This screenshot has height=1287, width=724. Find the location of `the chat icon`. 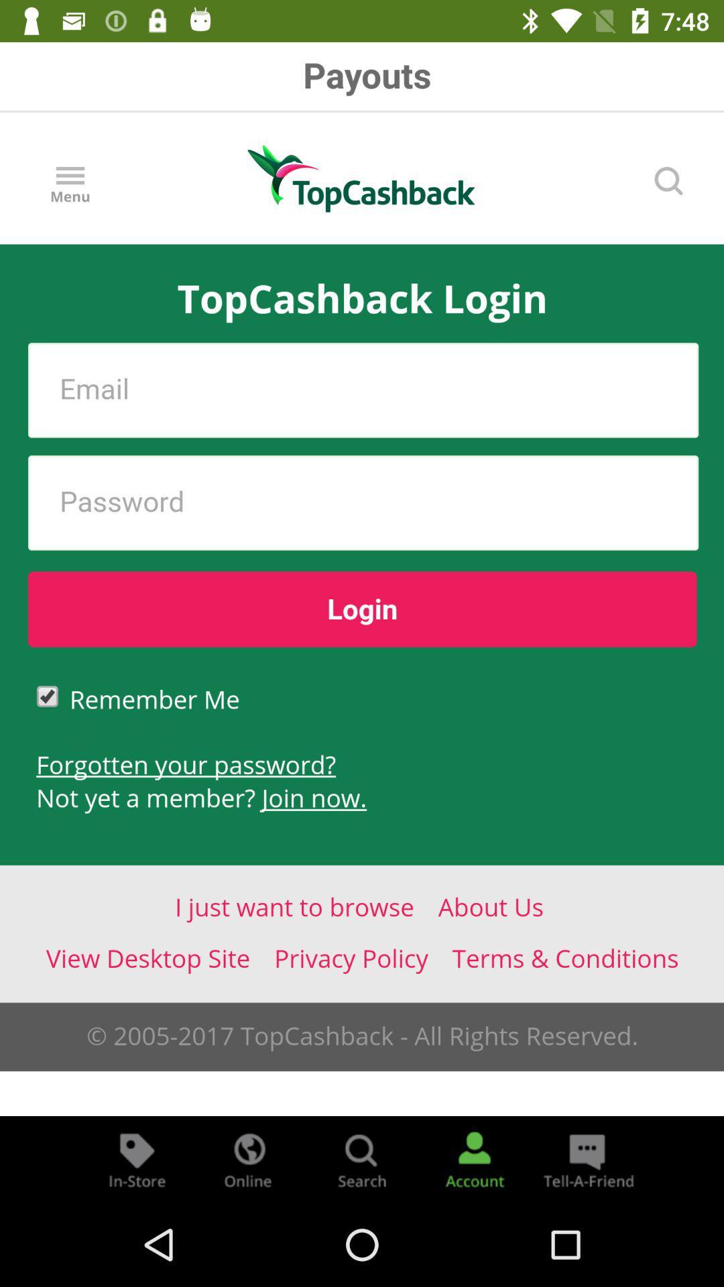

the chat icon is located at coordinates (586, 1158).